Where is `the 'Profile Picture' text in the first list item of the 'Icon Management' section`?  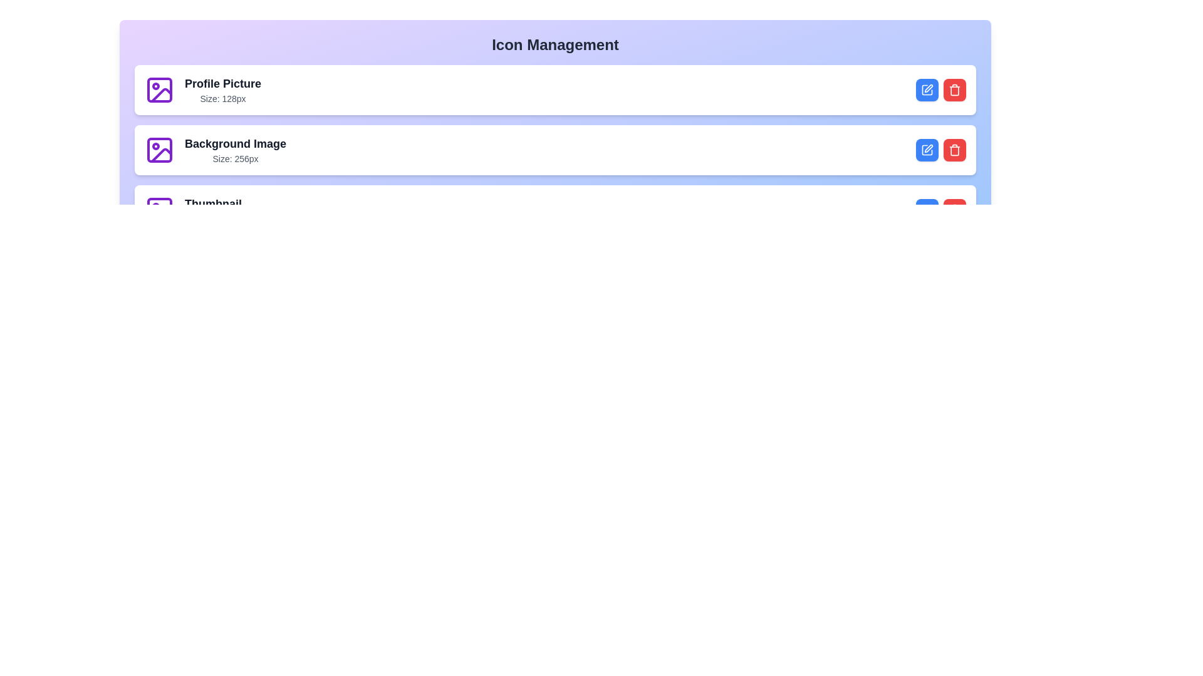 the 'Profile Picture' text in the first list item of the 'Icon Management' section is located at coordinates (203, 89).